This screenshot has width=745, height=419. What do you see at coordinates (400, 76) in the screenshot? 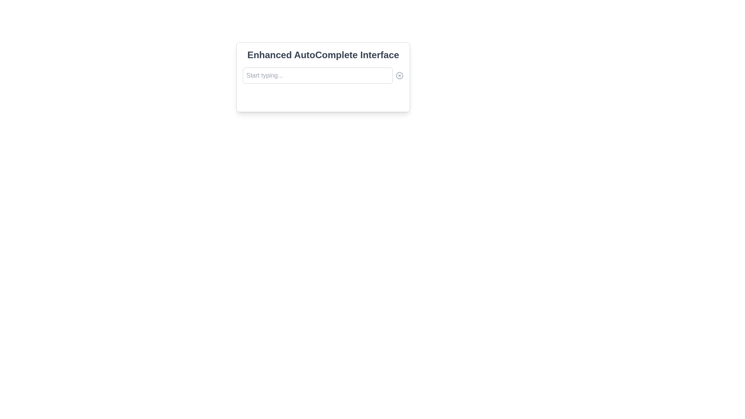
I see `the circular 'X' icon button, which is gray and located on the right side of the input field with the placeholder 'Start typing...'` at bounding box center [400, 76].